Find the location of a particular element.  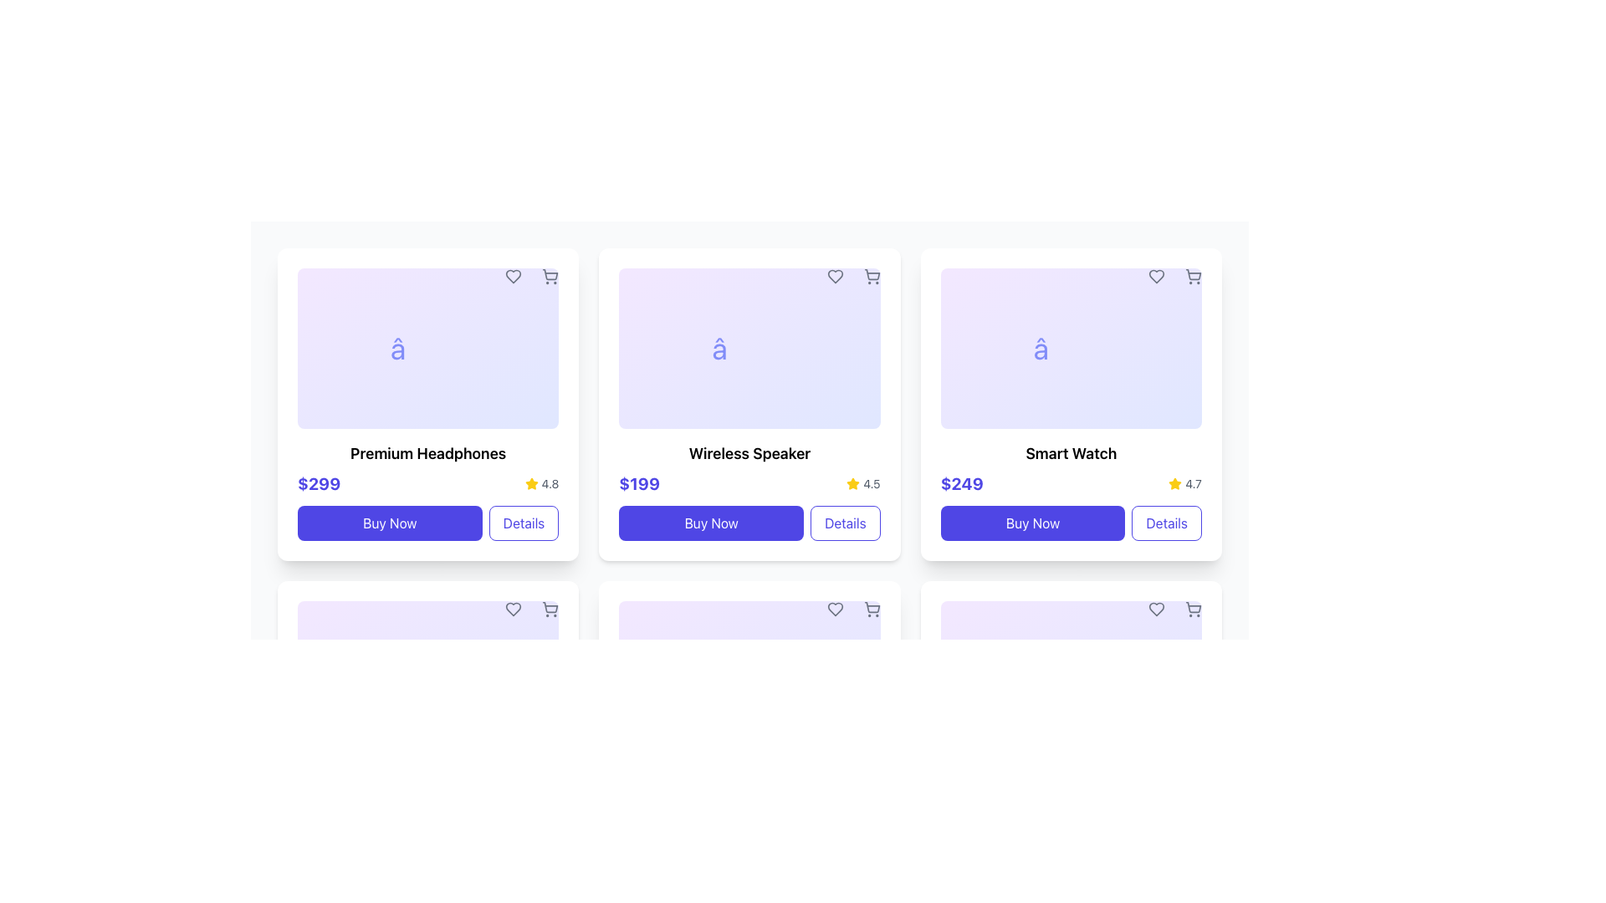

on the heart icon button located in the top-right corner of the 'Wireless Speaker' card is located at coordinates (835, 610).